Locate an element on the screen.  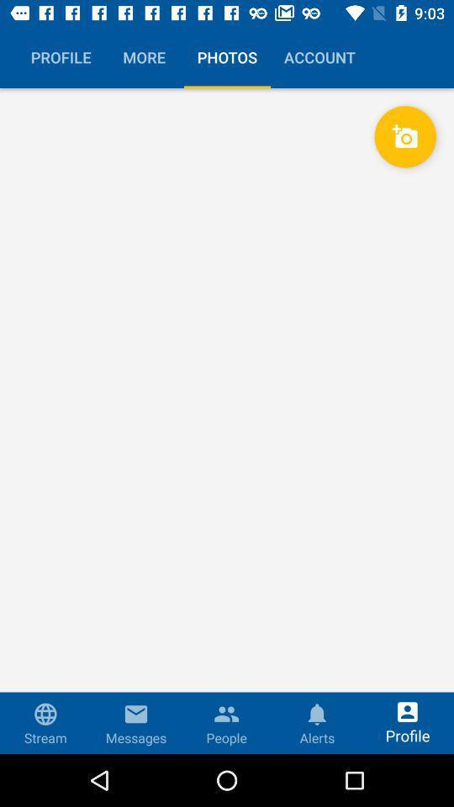
the second button from the left is located at coordinates (144, 57).